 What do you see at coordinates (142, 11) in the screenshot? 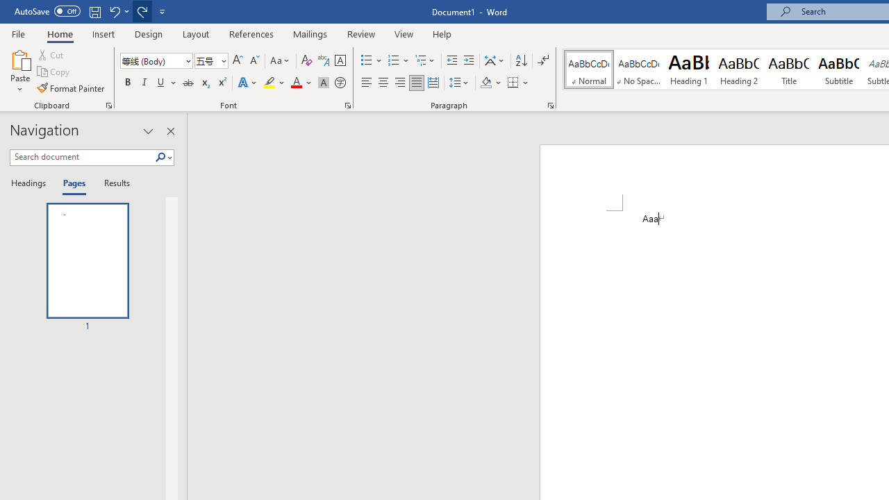
I see `'Redo Style'` at bounding box center [142, 11].